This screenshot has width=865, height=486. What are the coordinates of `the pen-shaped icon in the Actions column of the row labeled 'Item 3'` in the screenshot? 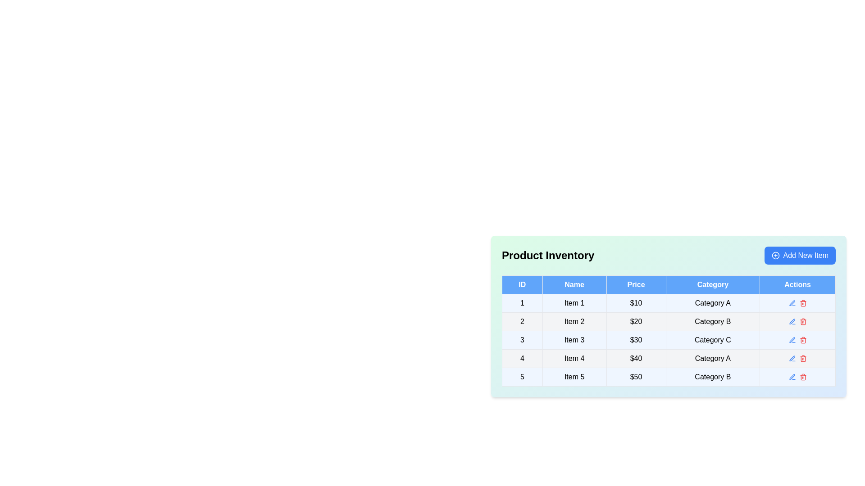 It's located at (792, 340).